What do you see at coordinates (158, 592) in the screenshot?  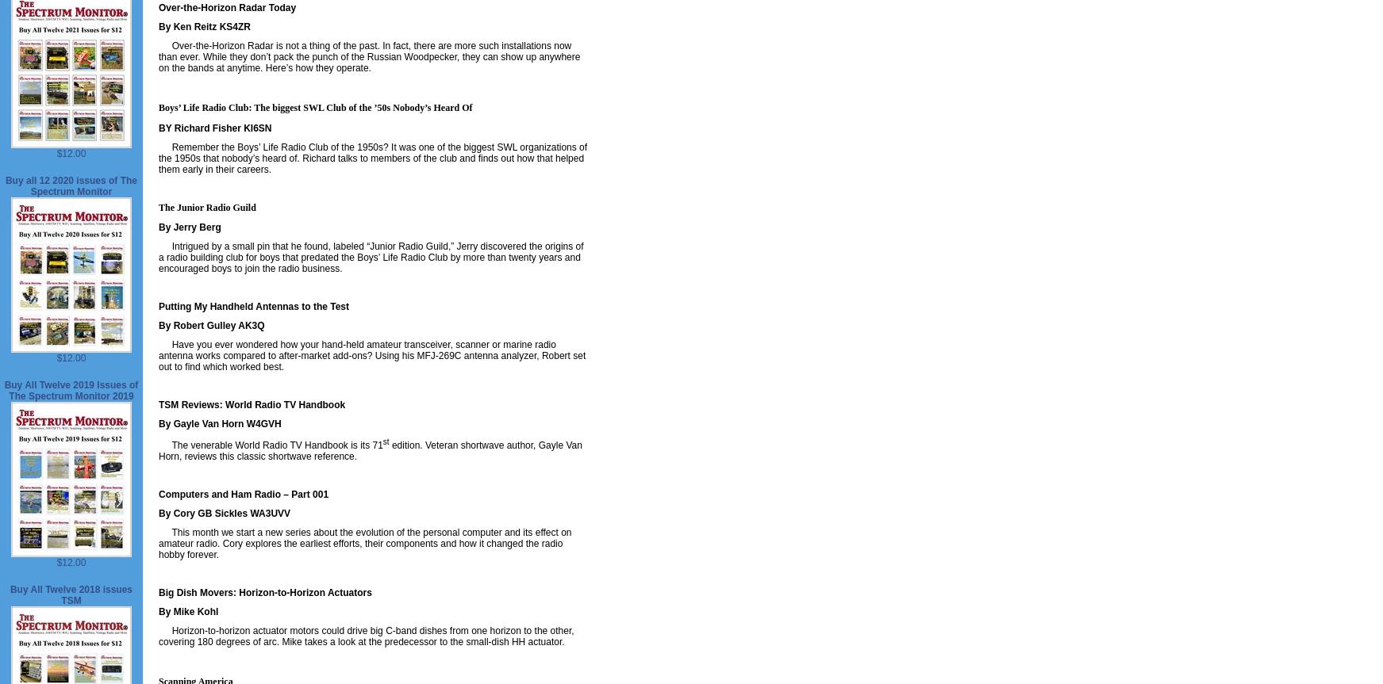 I see `'Big Dish Movers:
Horizon-to-Horizon Actuators'` at bounding box center [158, 592].